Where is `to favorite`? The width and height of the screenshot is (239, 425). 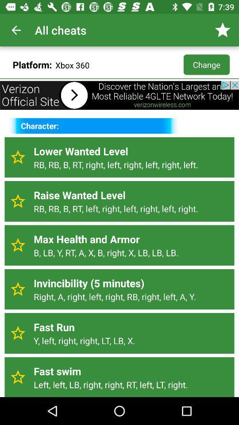 to favorite is located at coordinates (18, 201).